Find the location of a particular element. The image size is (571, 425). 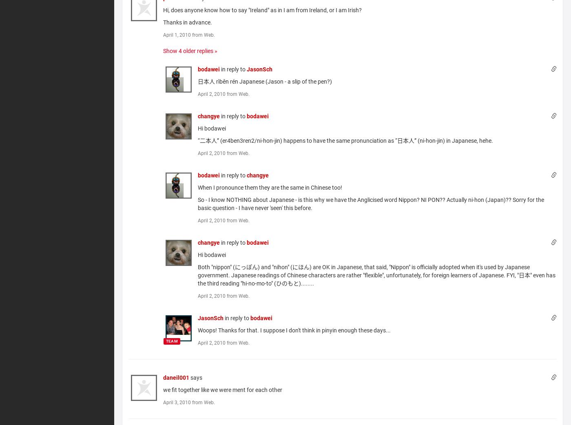

'daneil001' is located at coordinates (176, 376).